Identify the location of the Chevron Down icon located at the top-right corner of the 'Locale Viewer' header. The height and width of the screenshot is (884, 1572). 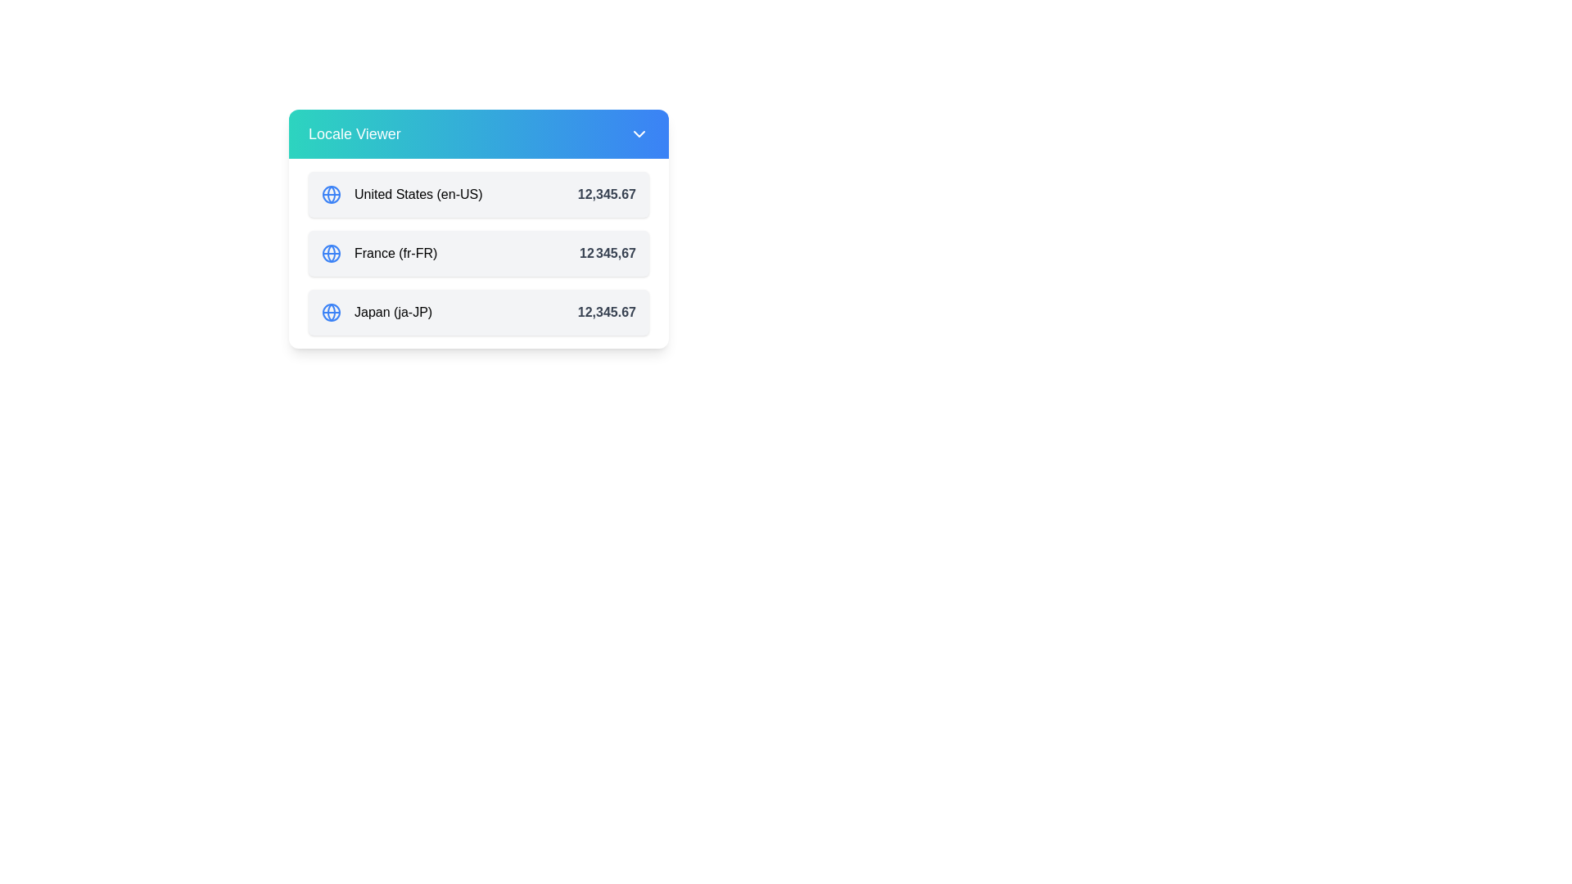
(639, 133).